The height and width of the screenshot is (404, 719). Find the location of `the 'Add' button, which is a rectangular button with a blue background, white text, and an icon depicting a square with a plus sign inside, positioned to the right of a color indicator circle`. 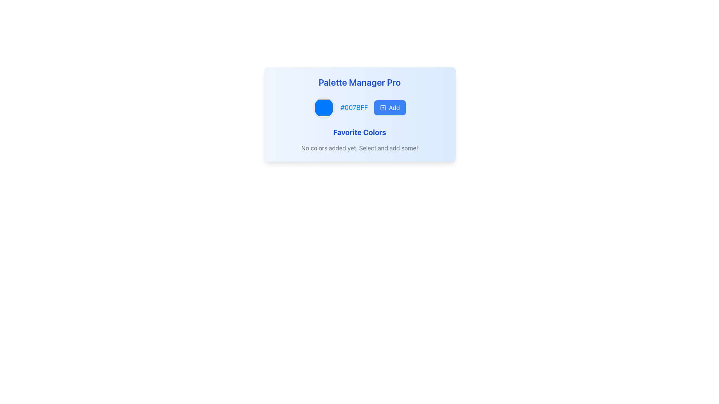

the 'Add' button, which is a rectangular button with a blue background, white text, and an icon depicting a square with a plus sign inside, positioned to the right of a color indicator circle is located at coordinates (389, 108).